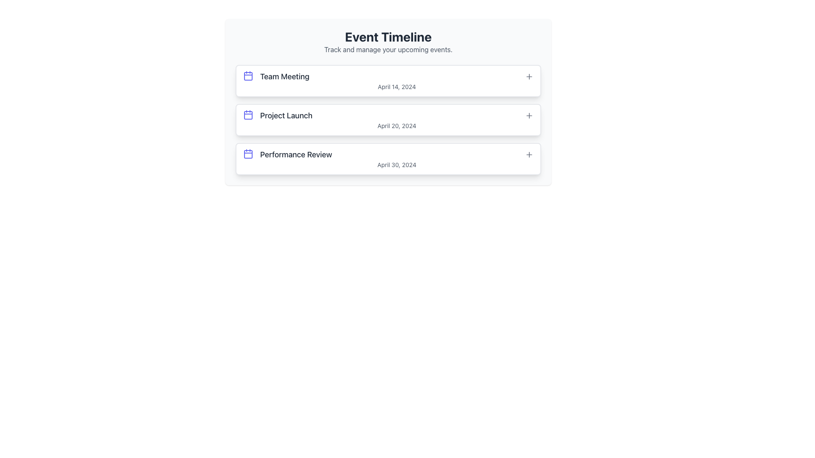  Describe the element at coordinates (248, 75) in the screenshot. I see `the calendar icon associated with the 'Team Meeting' event, which is positioned to the left of the event's text content` at that location.